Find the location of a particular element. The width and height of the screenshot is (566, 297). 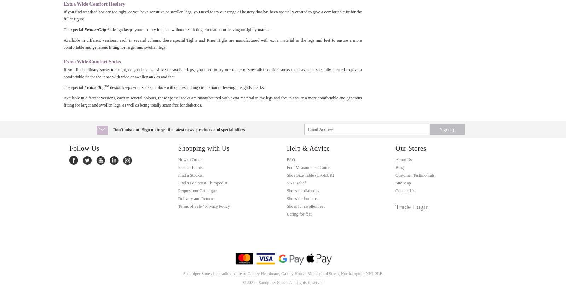

'Delivery and Returns' is located at coordinates (196, 198).